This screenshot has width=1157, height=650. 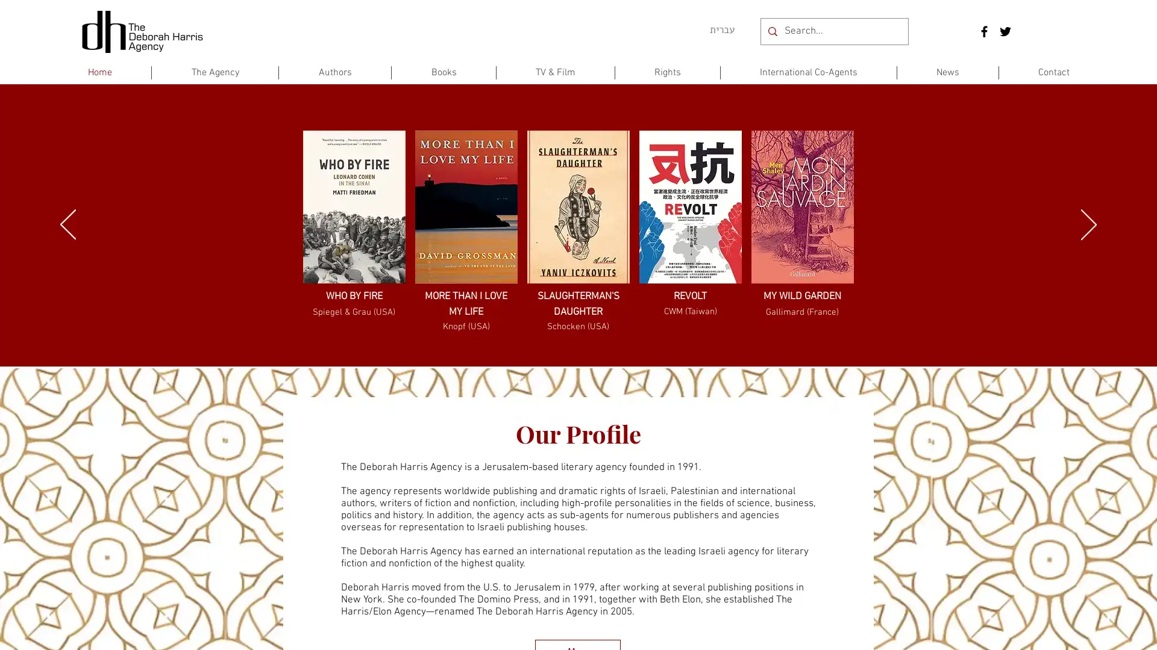 I want to click on Previous, so click(x=67, y=225).